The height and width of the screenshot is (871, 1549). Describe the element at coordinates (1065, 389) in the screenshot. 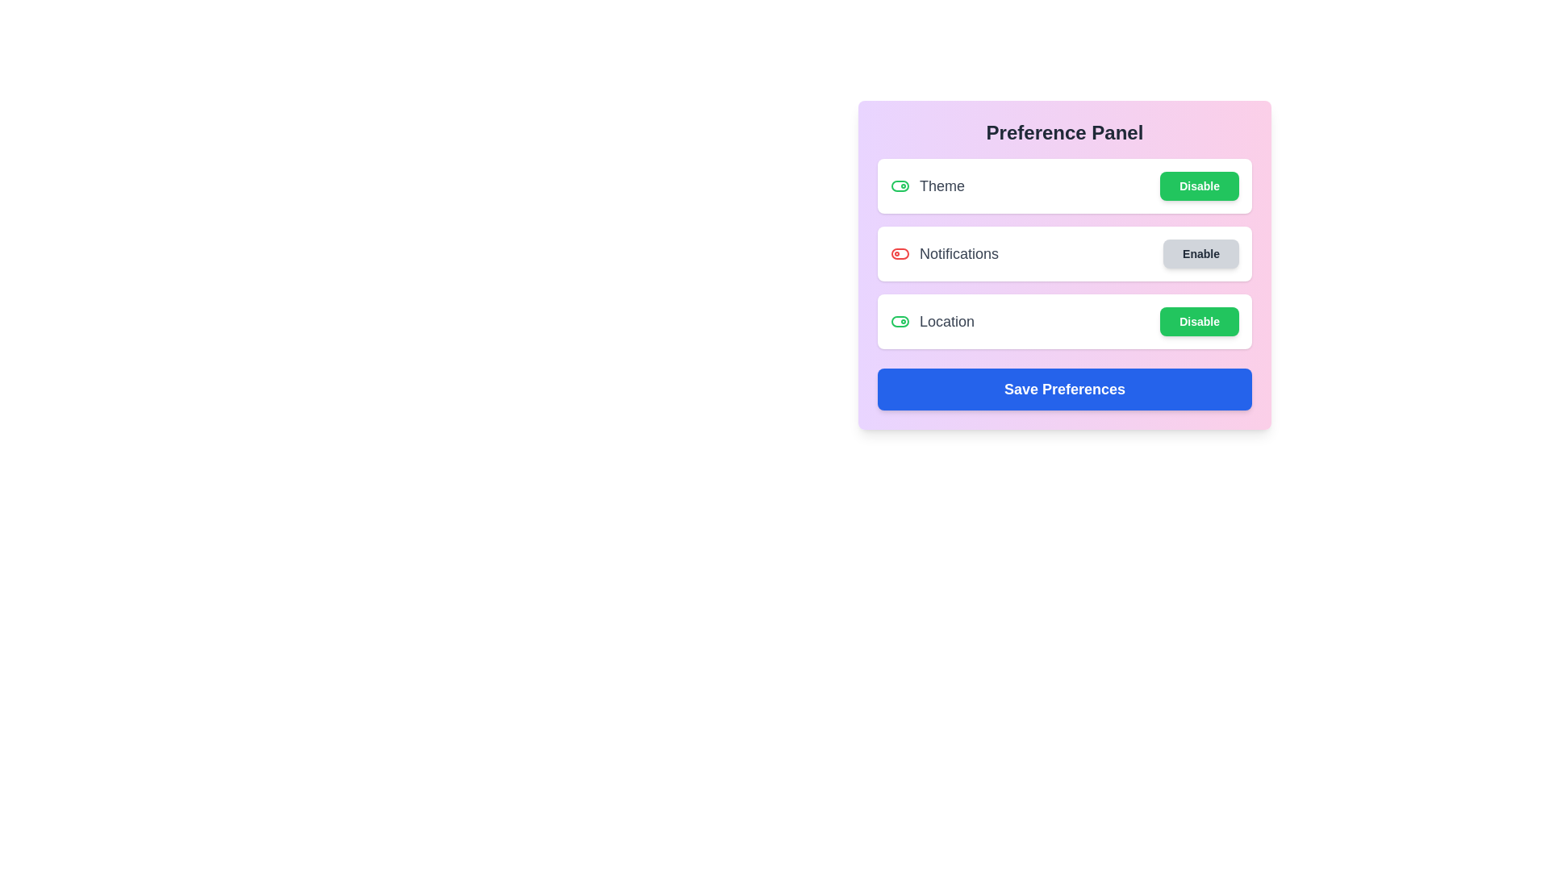

I see `the 'Save Preferences' button to save the current preferences` at that location.